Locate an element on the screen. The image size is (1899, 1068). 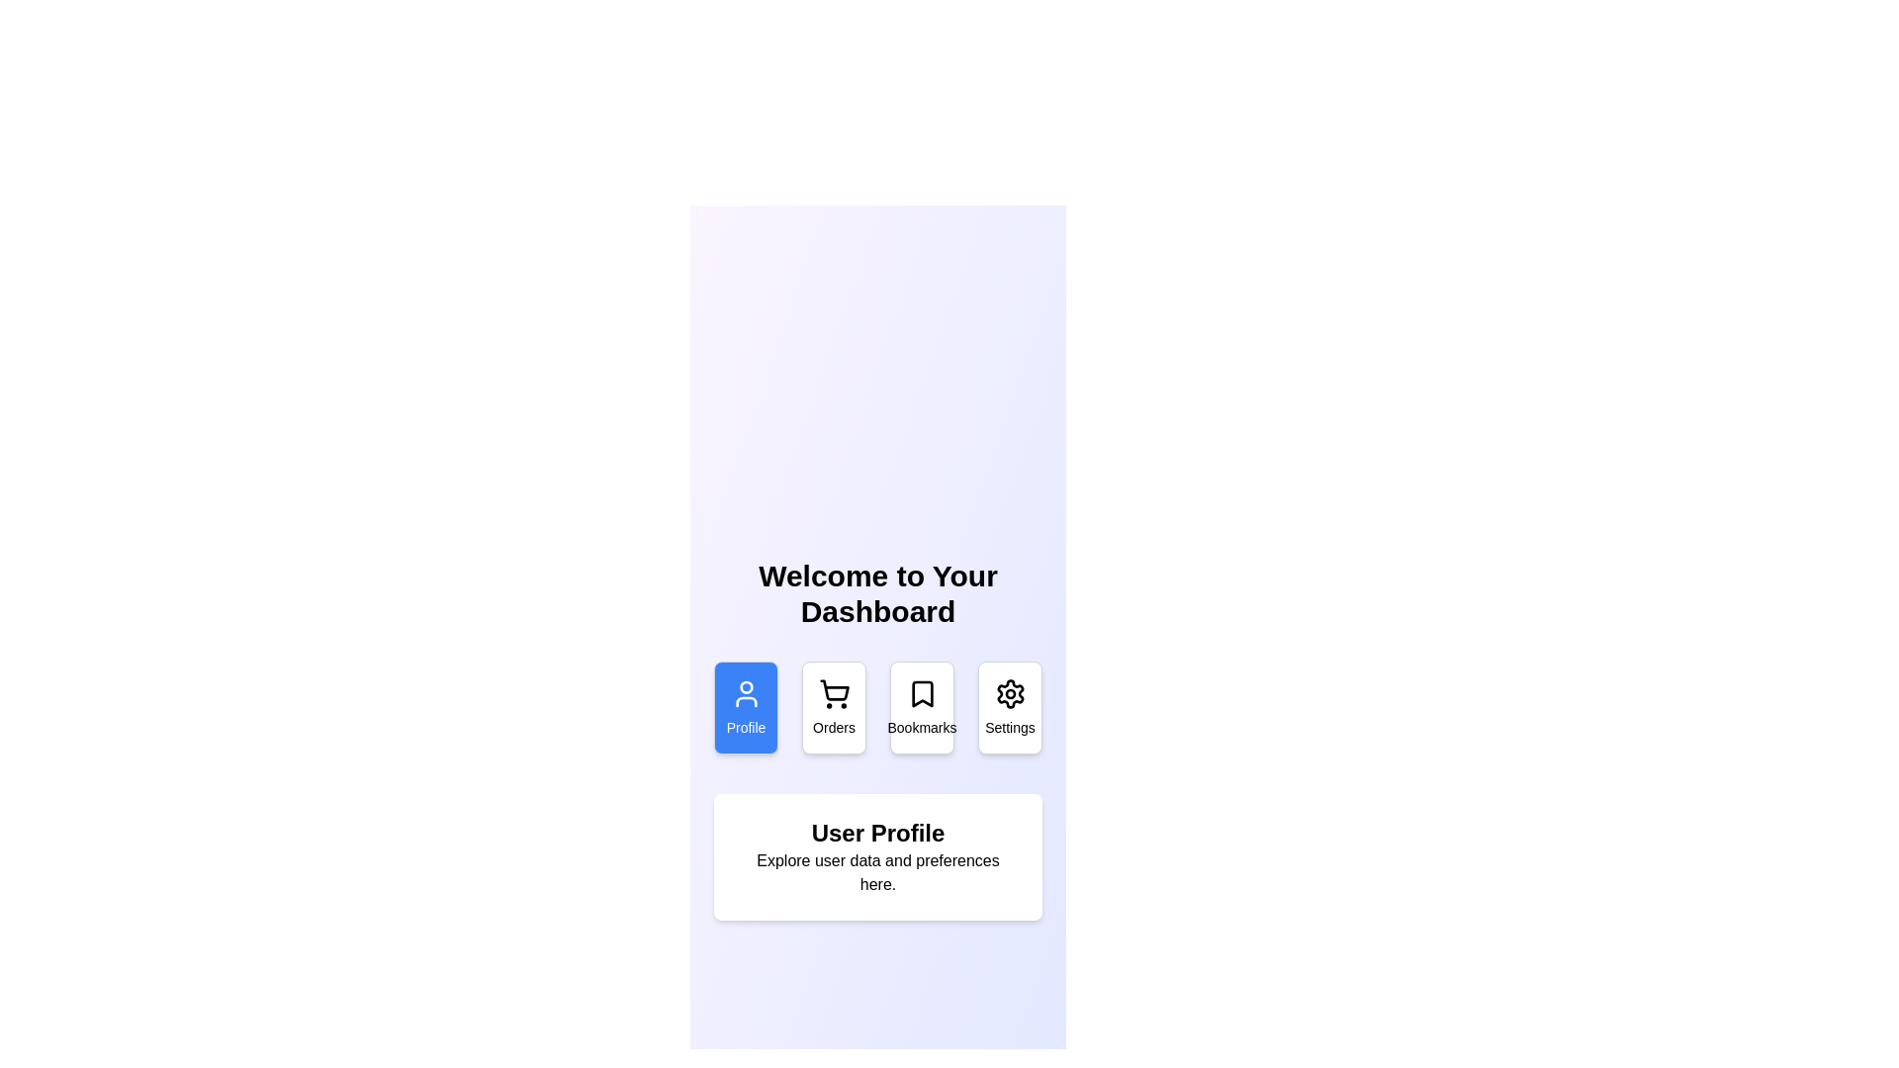
the 'Bookmarks' icon, which is the third button in a row of four buttons in the interface, located between 'Orders' and 'Settings' is located at coordinates (921, 693).